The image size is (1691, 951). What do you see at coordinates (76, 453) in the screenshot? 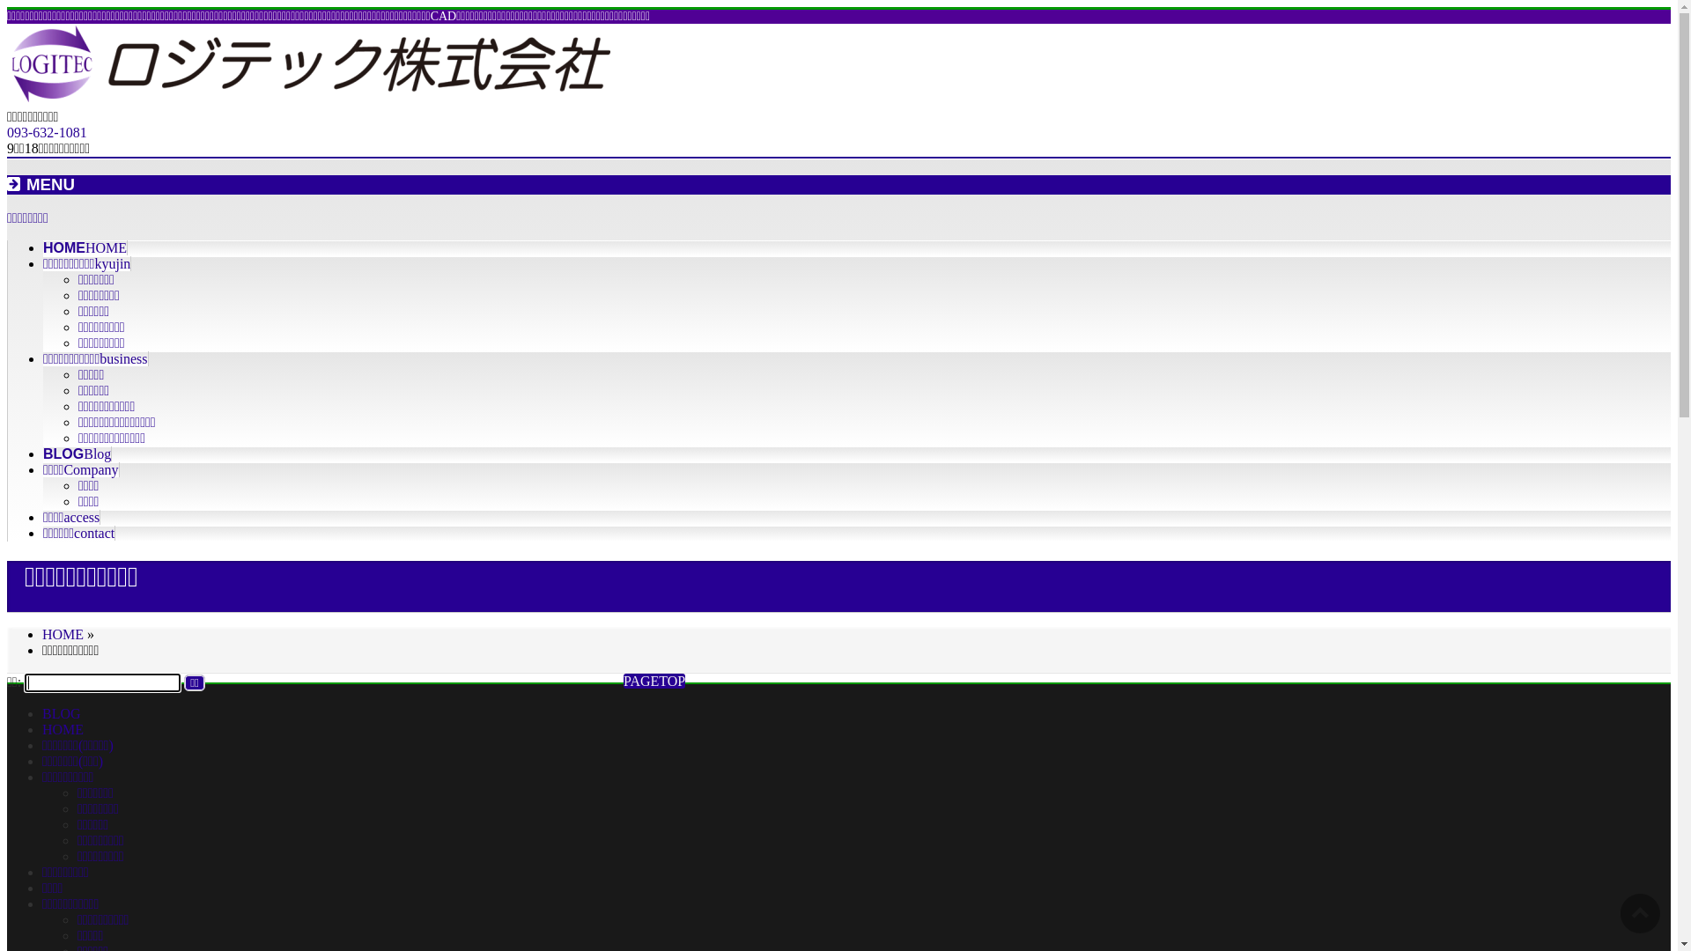
I see `'BLOGBlog'` at bounding box center [76, 453].